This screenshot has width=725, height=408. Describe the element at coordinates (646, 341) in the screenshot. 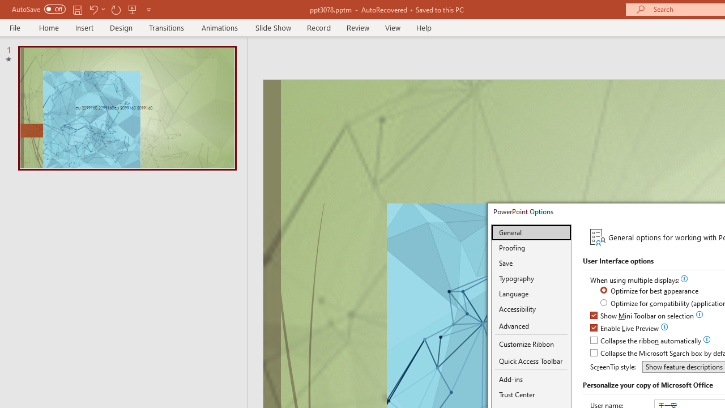

I see `'Collapse the ribbon automatically'` at that location.